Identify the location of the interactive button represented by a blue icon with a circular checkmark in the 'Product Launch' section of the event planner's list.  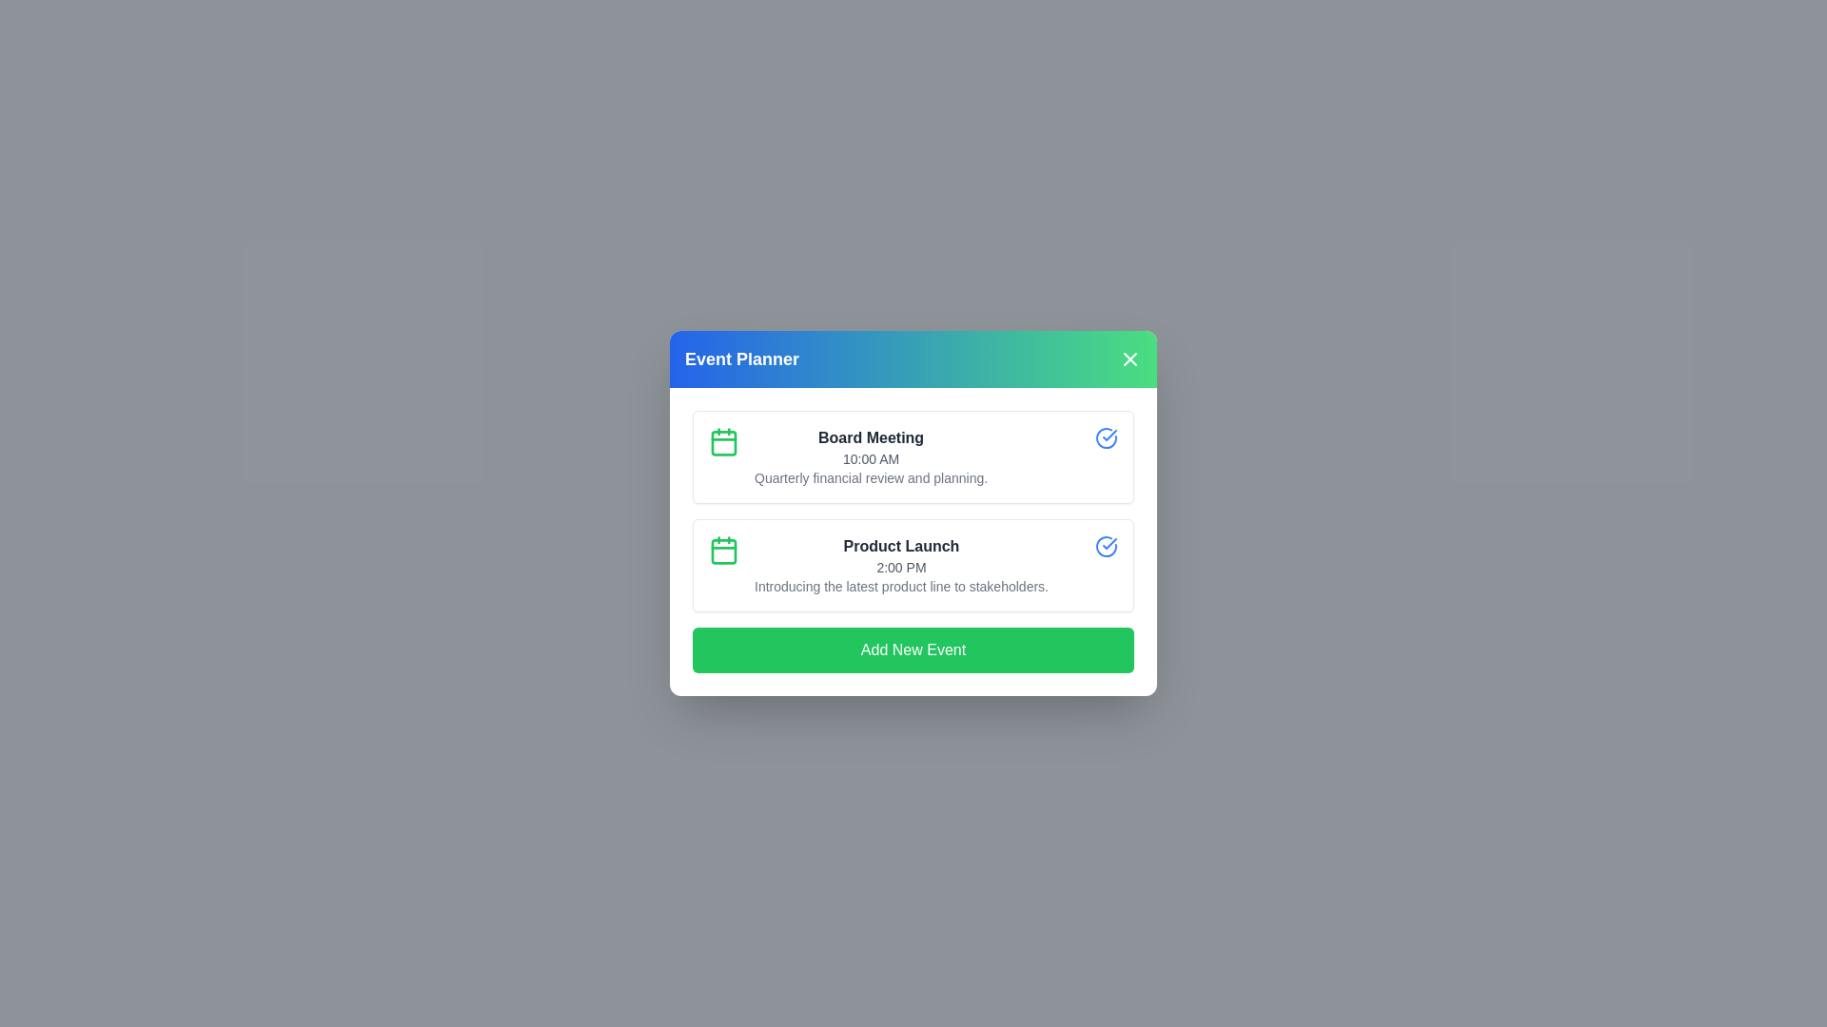
(1106, 546).